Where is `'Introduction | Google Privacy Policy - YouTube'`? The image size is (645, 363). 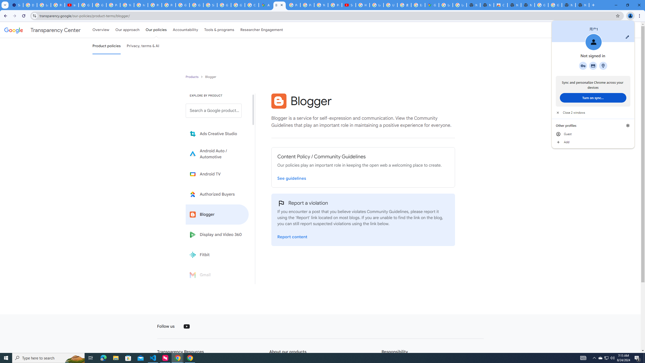
'Introduction | Google Privacy Policy - YouTube' is located at coordinates (72, 5).